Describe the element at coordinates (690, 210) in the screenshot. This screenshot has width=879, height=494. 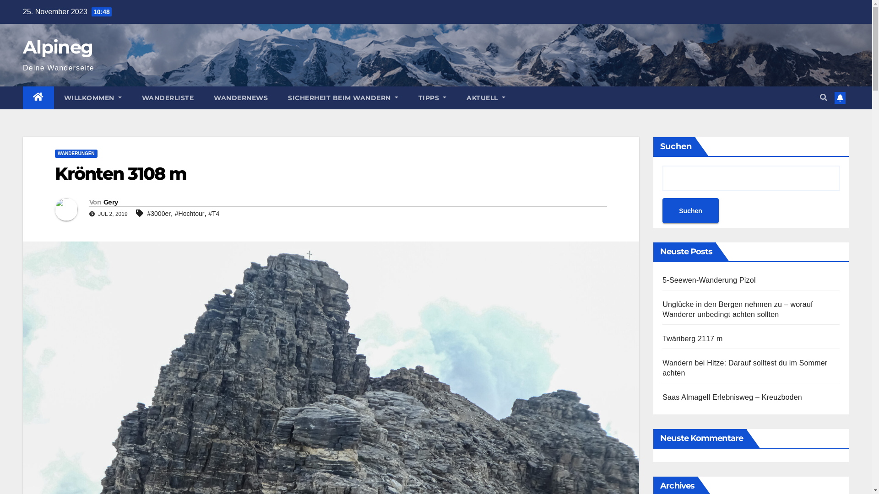
I see `'Suchen'` at that location.